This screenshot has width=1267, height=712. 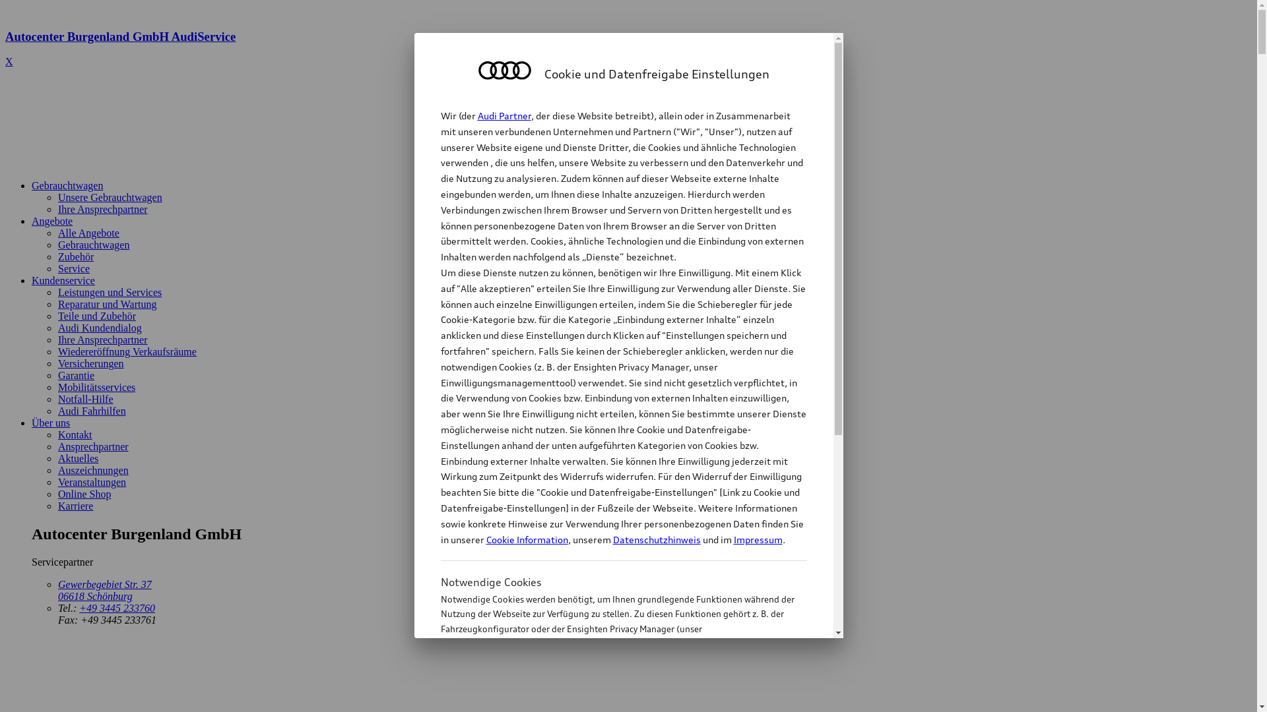 What do you see at coordinates (102, 208) in the screenshot?
I see `'Ihre Ansprechpartner'` at bounding box center [102, 208].